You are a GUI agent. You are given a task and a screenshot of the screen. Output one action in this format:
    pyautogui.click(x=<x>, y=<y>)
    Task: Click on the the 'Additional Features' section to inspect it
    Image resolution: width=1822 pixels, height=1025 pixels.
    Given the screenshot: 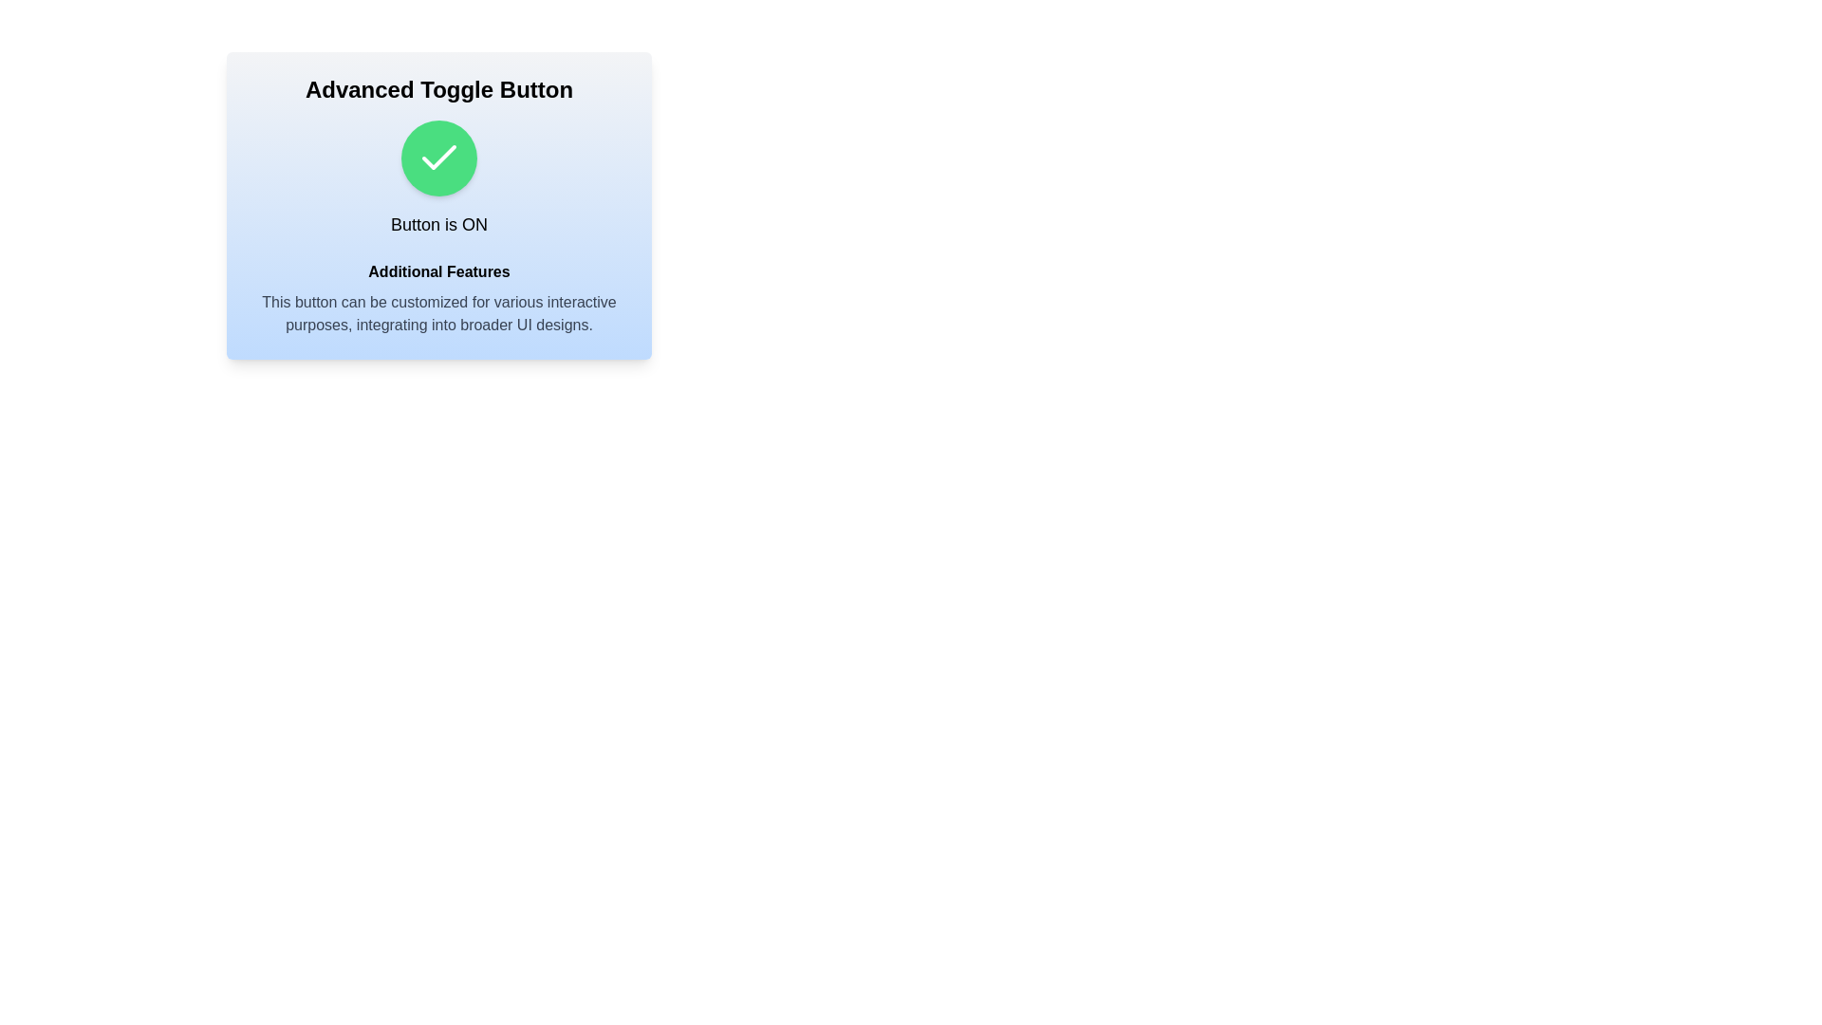 What is the action you would take?
    pyautogui.click(x=437, y=271)
    